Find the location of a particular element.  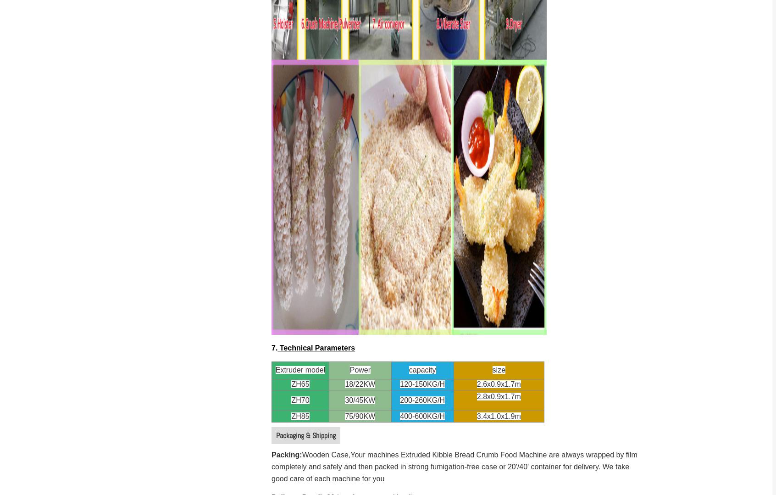

'Extruder model' is located at coordinates (300, 369).